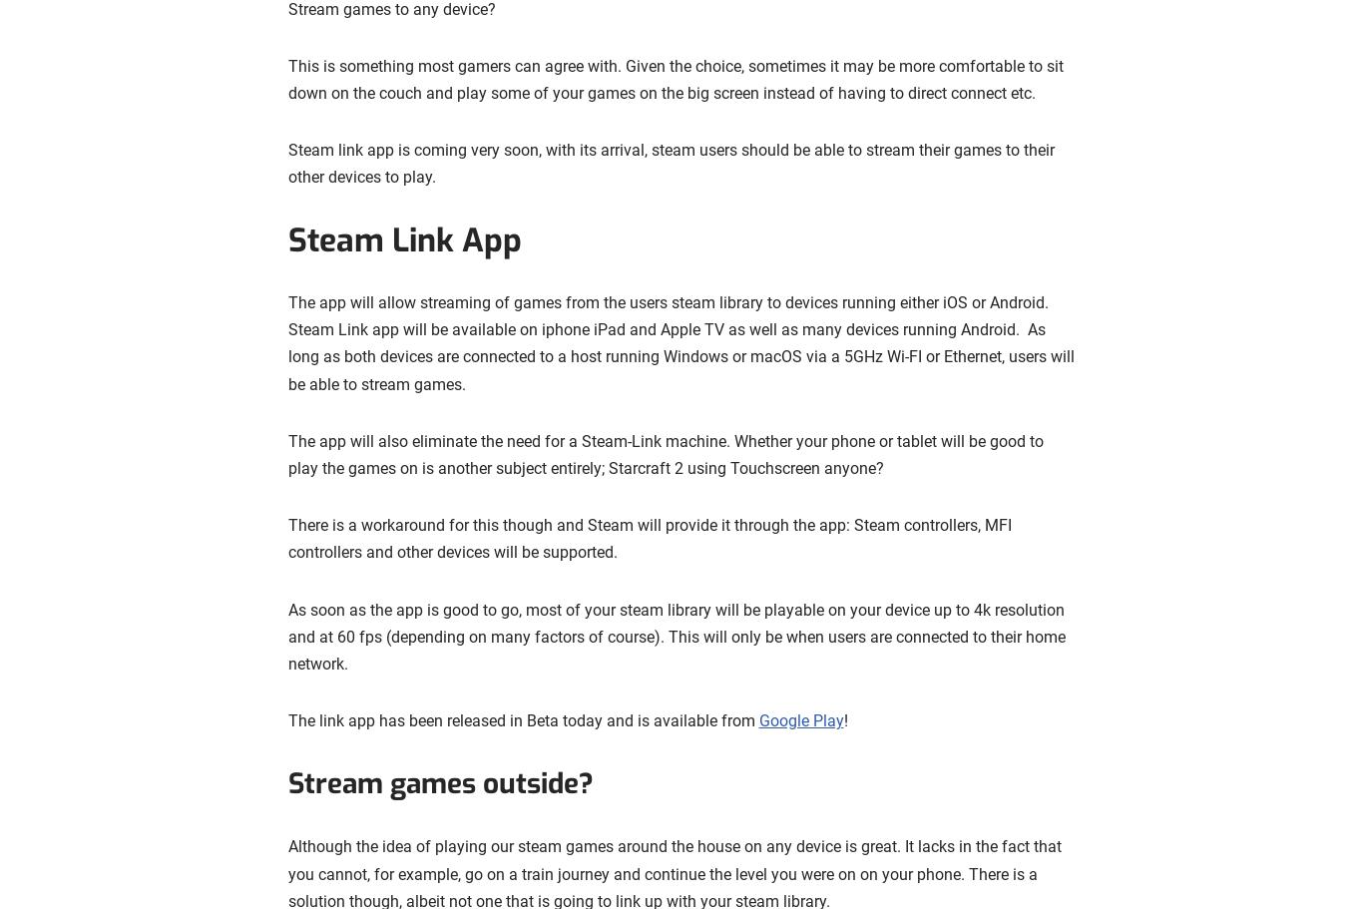 This screenshot has width=1363, height=909. What do you see at coordinates (680, 341) in the screenshot?
I see `'The app will allow streaming of games from the users steam library to devices running either iOS or Android. Steam Link app will be available on iphone iPad and Apple TV as well as many devices running Android.  As long as both devices are connected to a host running Windows or macOS via a 5GHz Wi-FI or Ethernet, users will be able to stream games.'` at bounding box center [680, 341].